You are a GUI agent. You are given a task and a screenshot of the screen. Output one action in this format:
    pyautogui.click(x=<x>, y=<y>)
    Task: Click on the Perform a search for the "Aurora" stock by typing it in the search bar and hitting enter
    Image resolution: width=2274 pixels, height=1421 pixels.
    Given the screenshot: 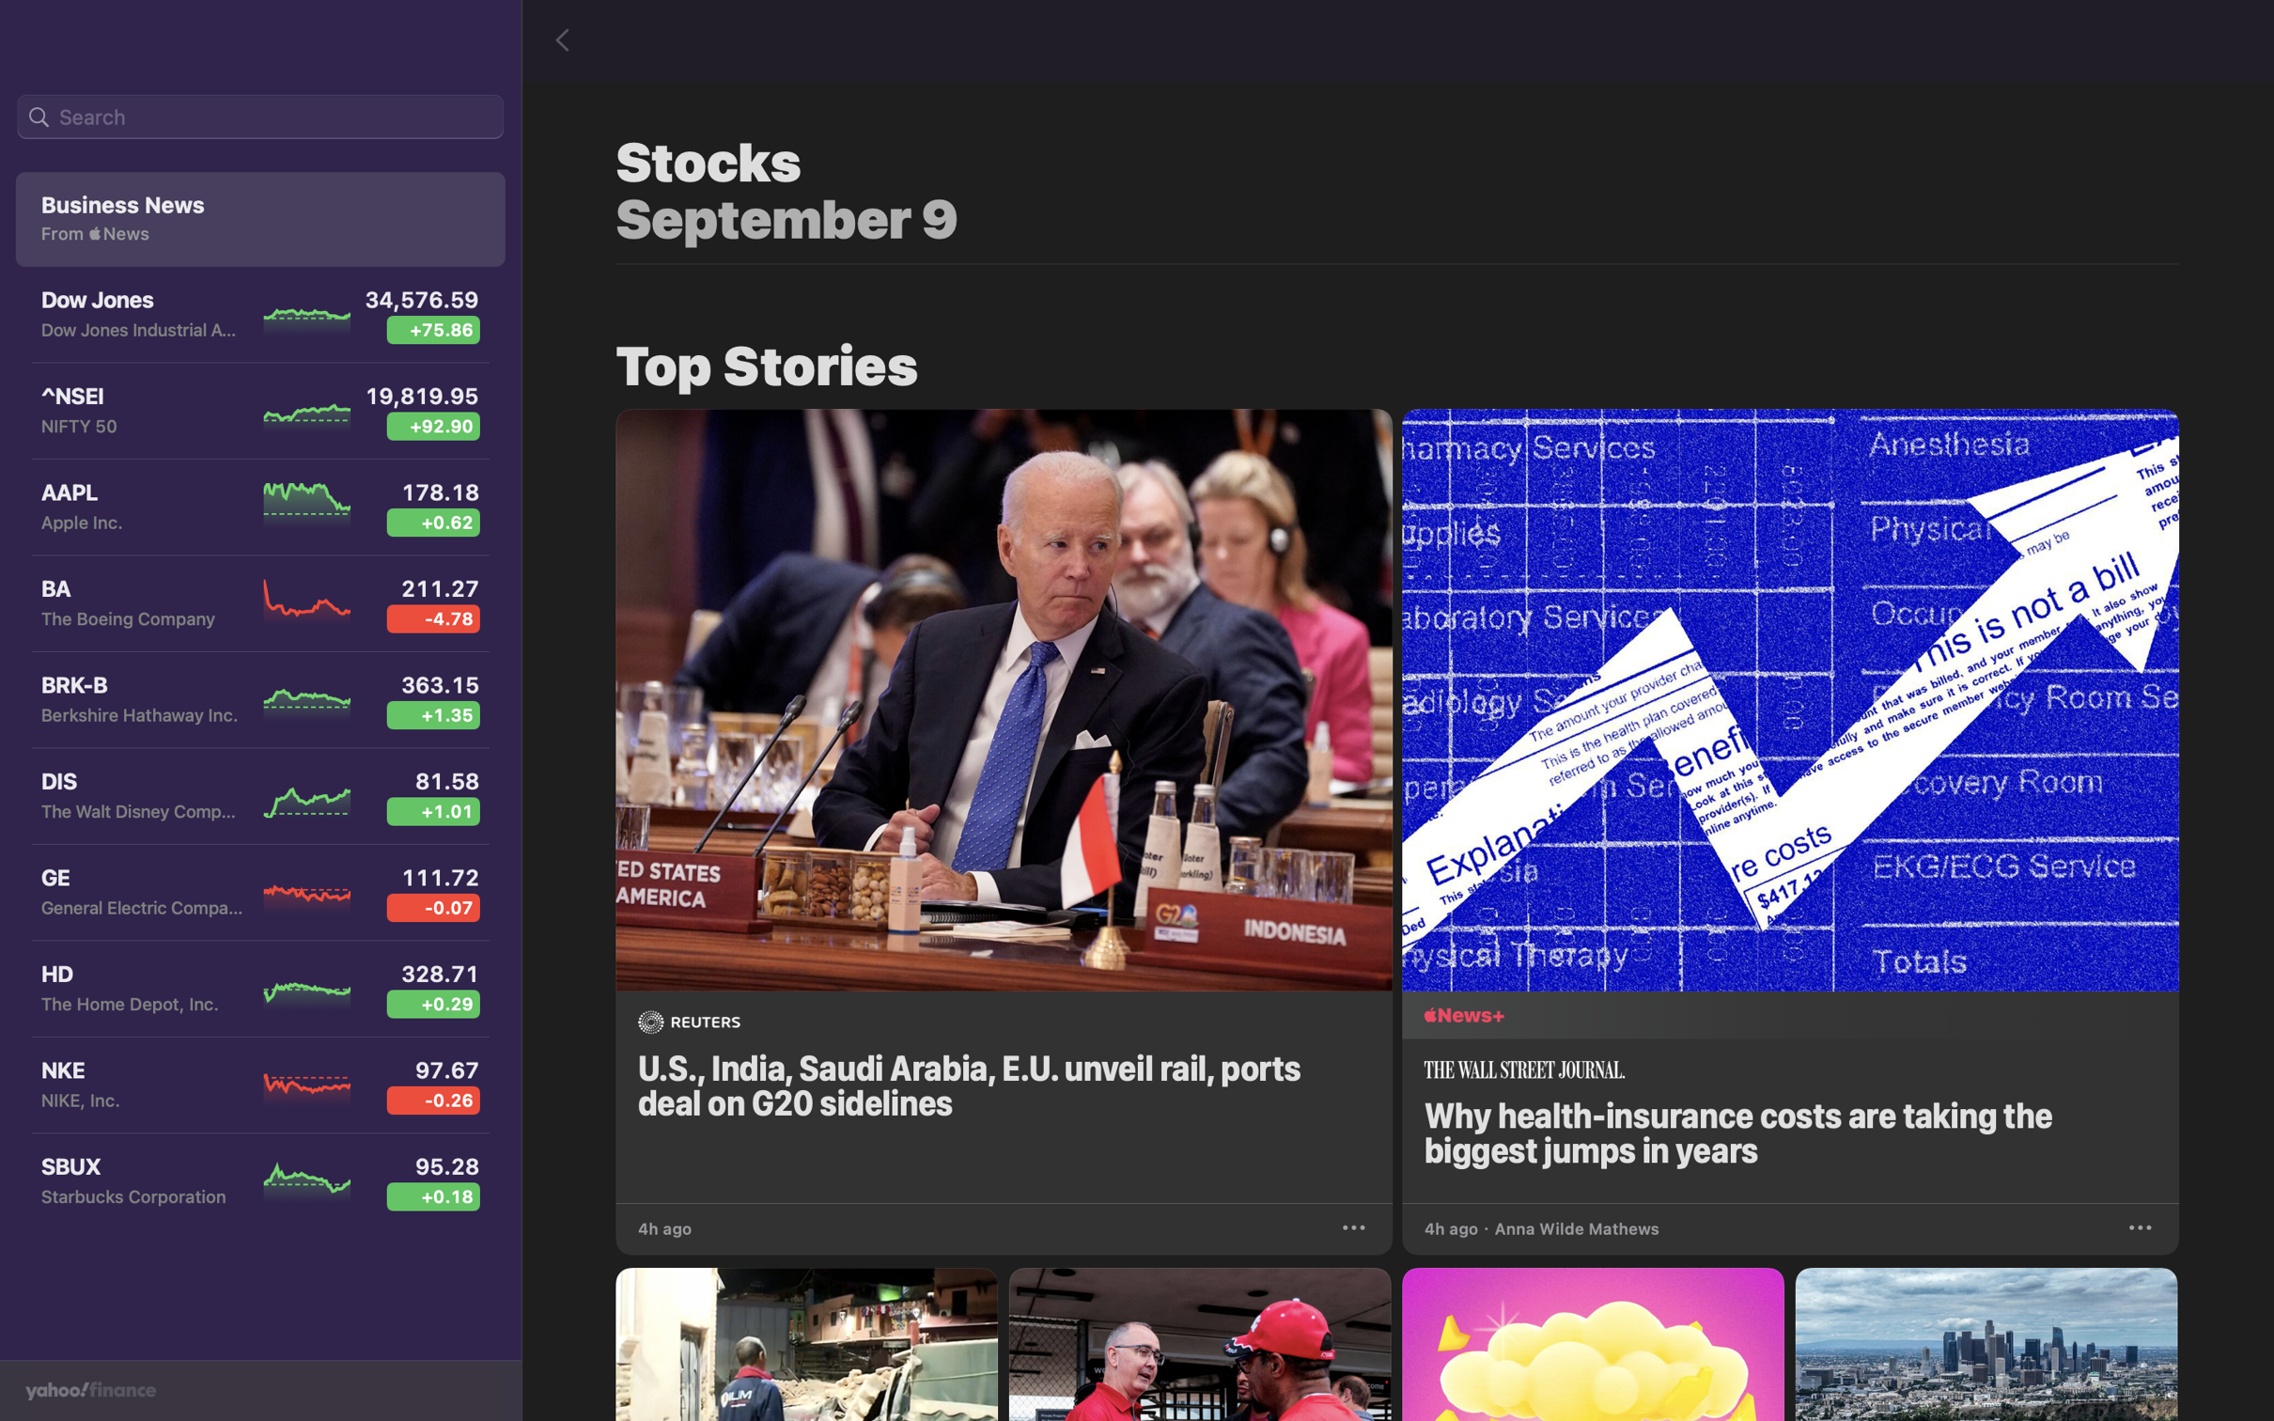 What is the action you would take?
    pyautogui.click(x=259, y=117)
    